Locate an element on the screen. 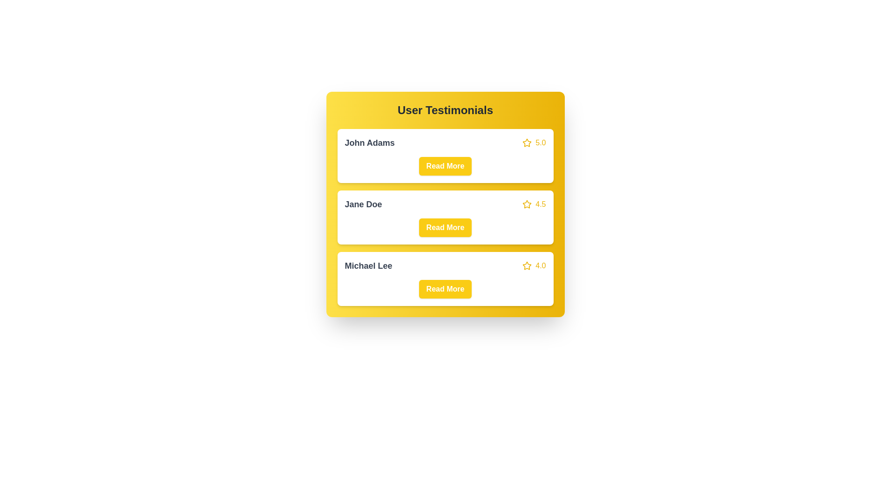 The height and width of the screenshot is (503, 894). the star icon of the testimonial corresponding to John Adams is located at coordinates (527, 143).